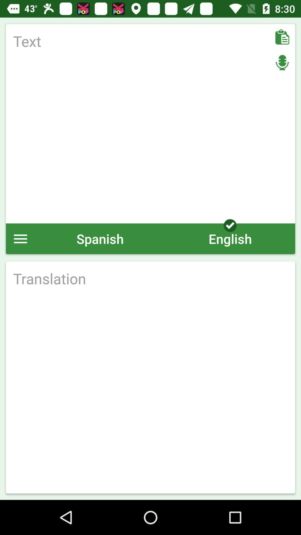  I want to click on the icon next to the english, so click(100, 239).